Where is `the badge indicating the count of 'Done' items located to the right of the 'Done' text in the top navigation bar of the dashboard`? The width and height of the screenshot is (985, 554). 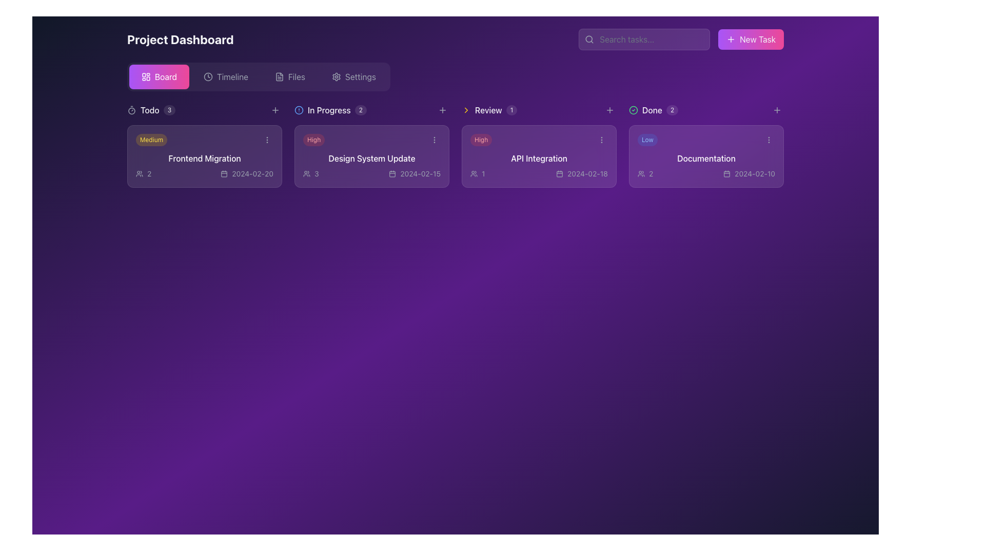 the badge indicating the count of 'Done' items located to the right of the 'Done' text in the top navigation bar of the dashboard is located at coordinates (672, 110).